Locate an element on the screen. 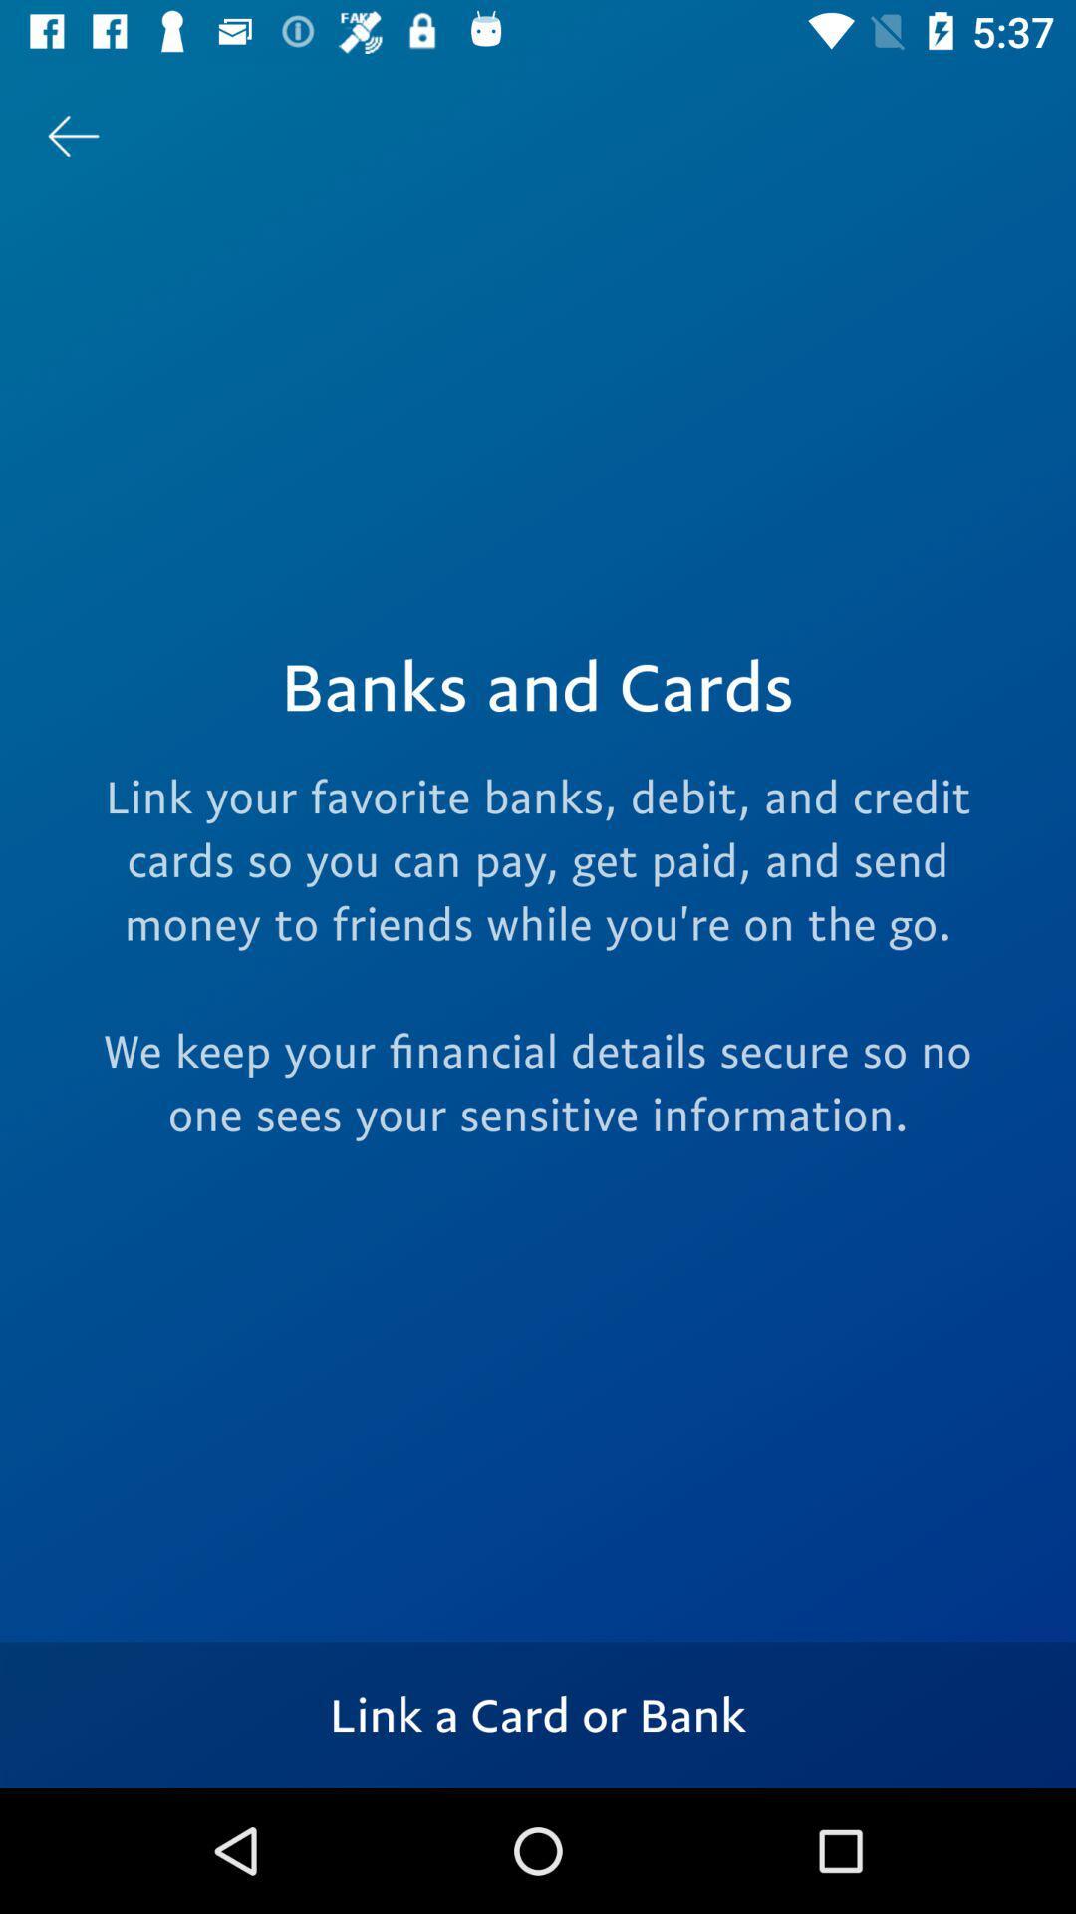 This screenshot has height=1914, width=1076. link a card icon is located at coordinates (538, 1714).